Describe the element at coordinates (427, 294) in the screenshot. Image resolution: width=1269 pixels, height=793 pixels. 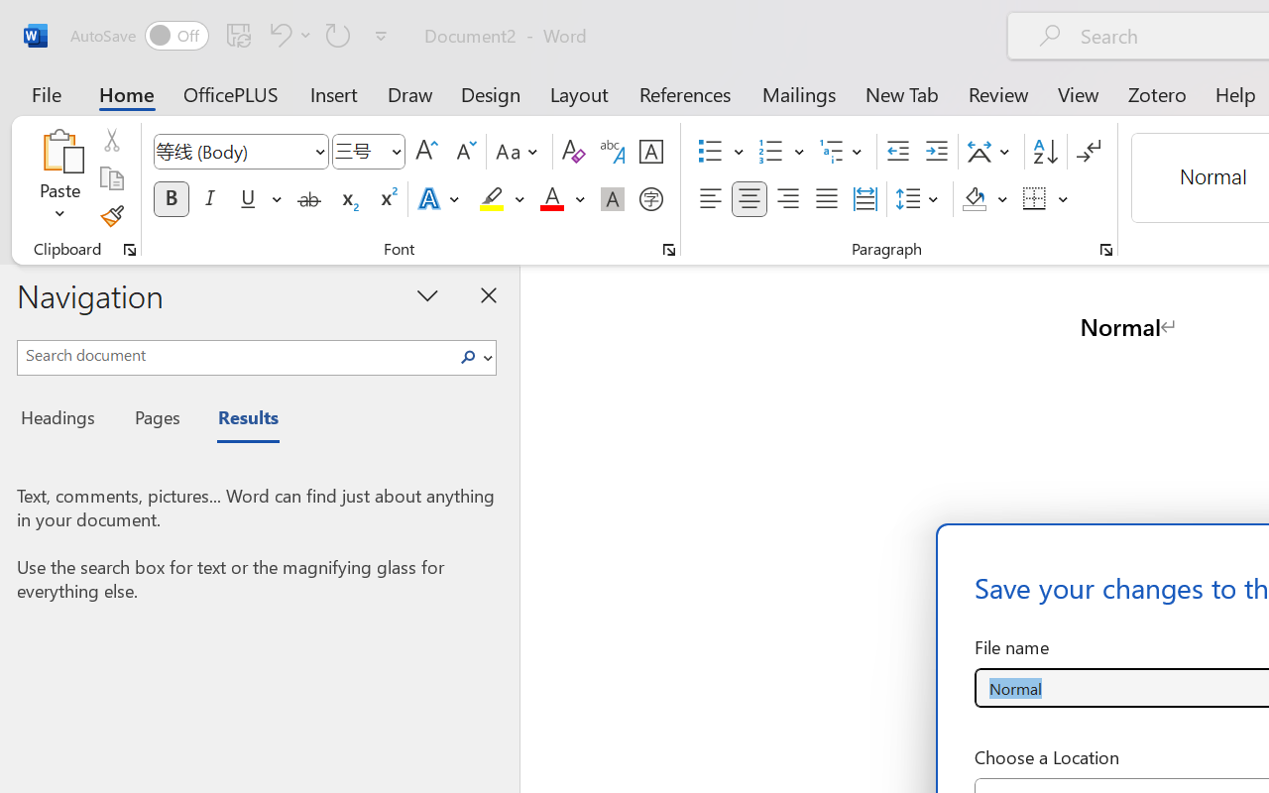
I see `'Task Pane Options'` at that location.